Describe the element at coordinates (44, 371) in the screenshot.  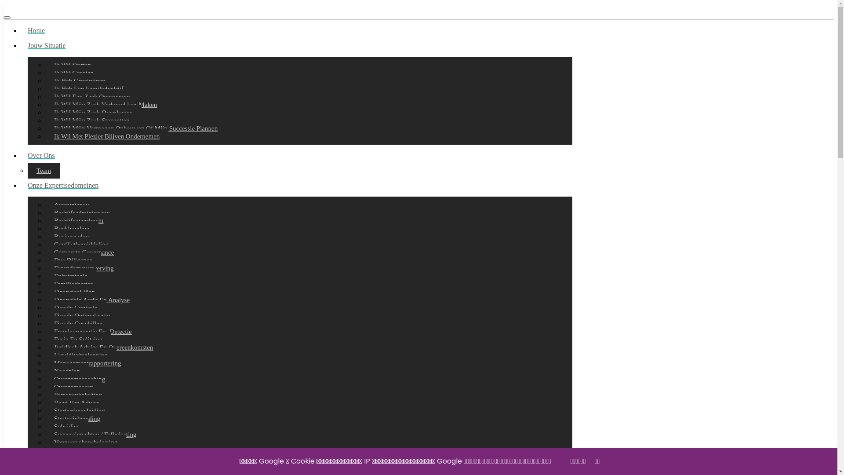
I see `'Noodplan'` at that location.